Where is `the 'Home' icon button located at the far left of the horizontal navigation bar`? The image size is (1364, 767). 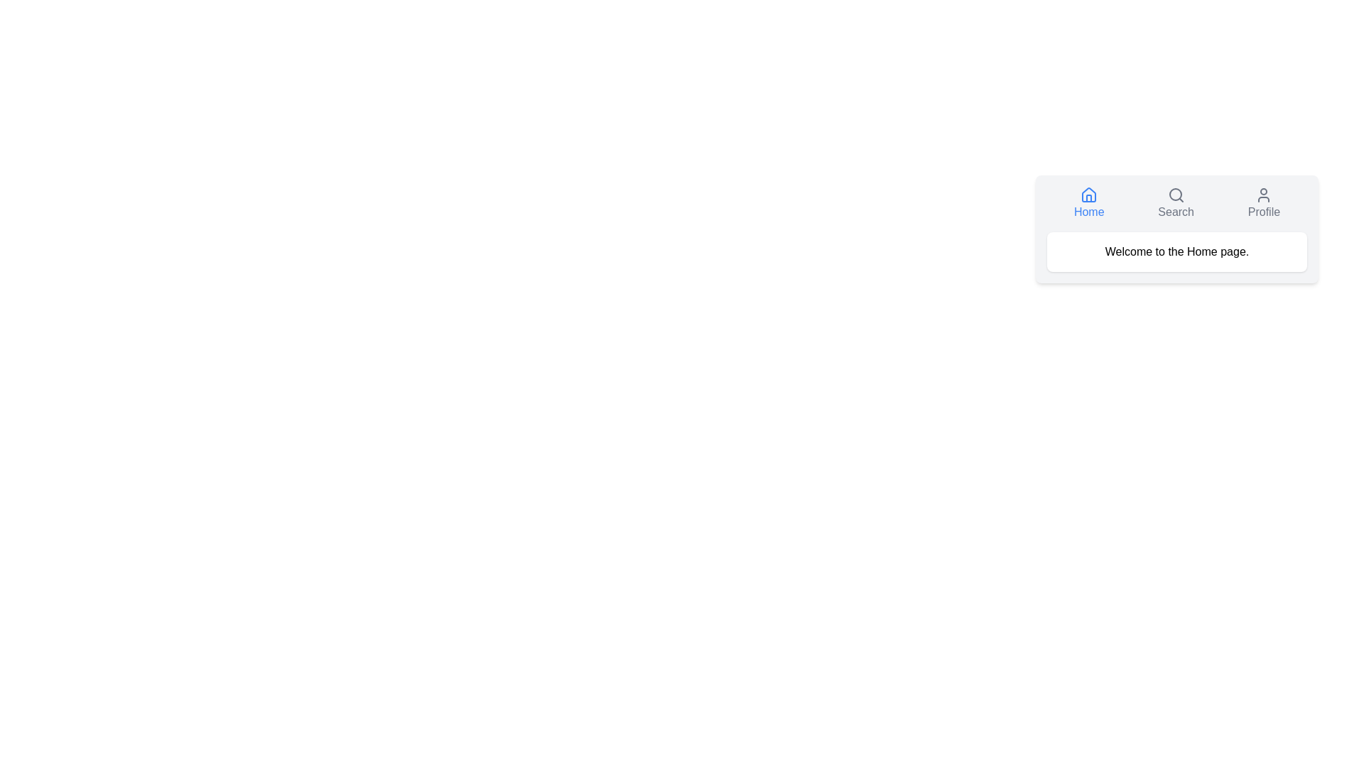 the 'Home' icon button located at the far left of the horizontal navigation bar is located at coordinates (1088, 195).